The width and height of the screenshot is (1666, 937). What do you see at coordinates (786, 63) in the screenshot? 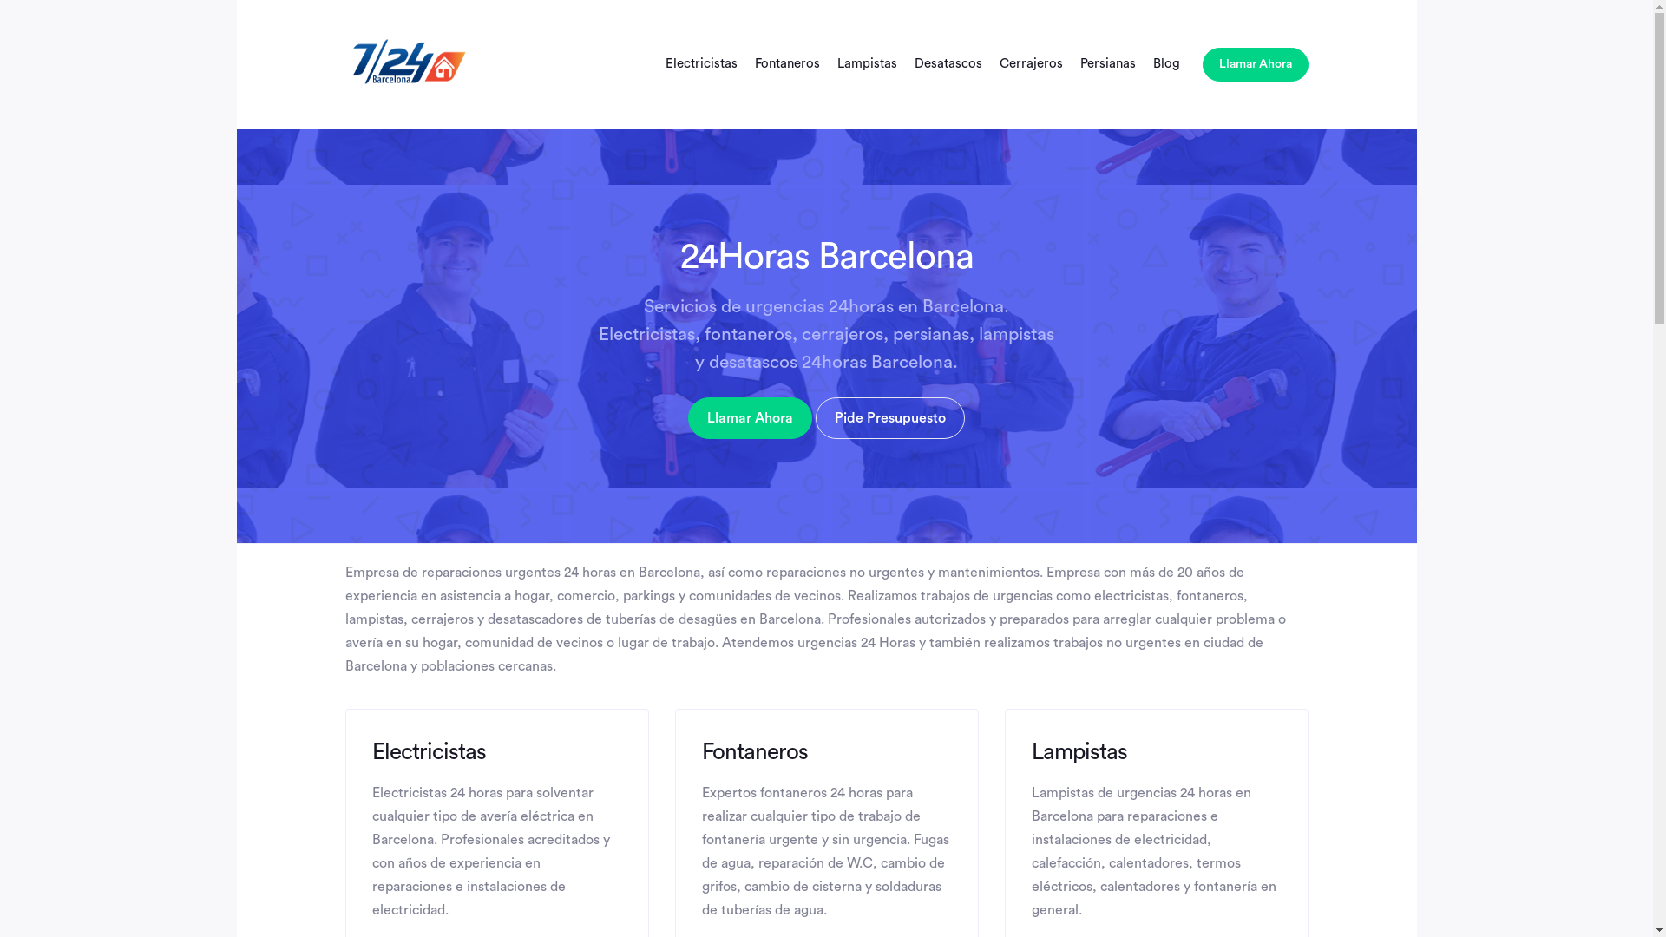
I see `'Fontaneros'` at bounding box center [786, 63].